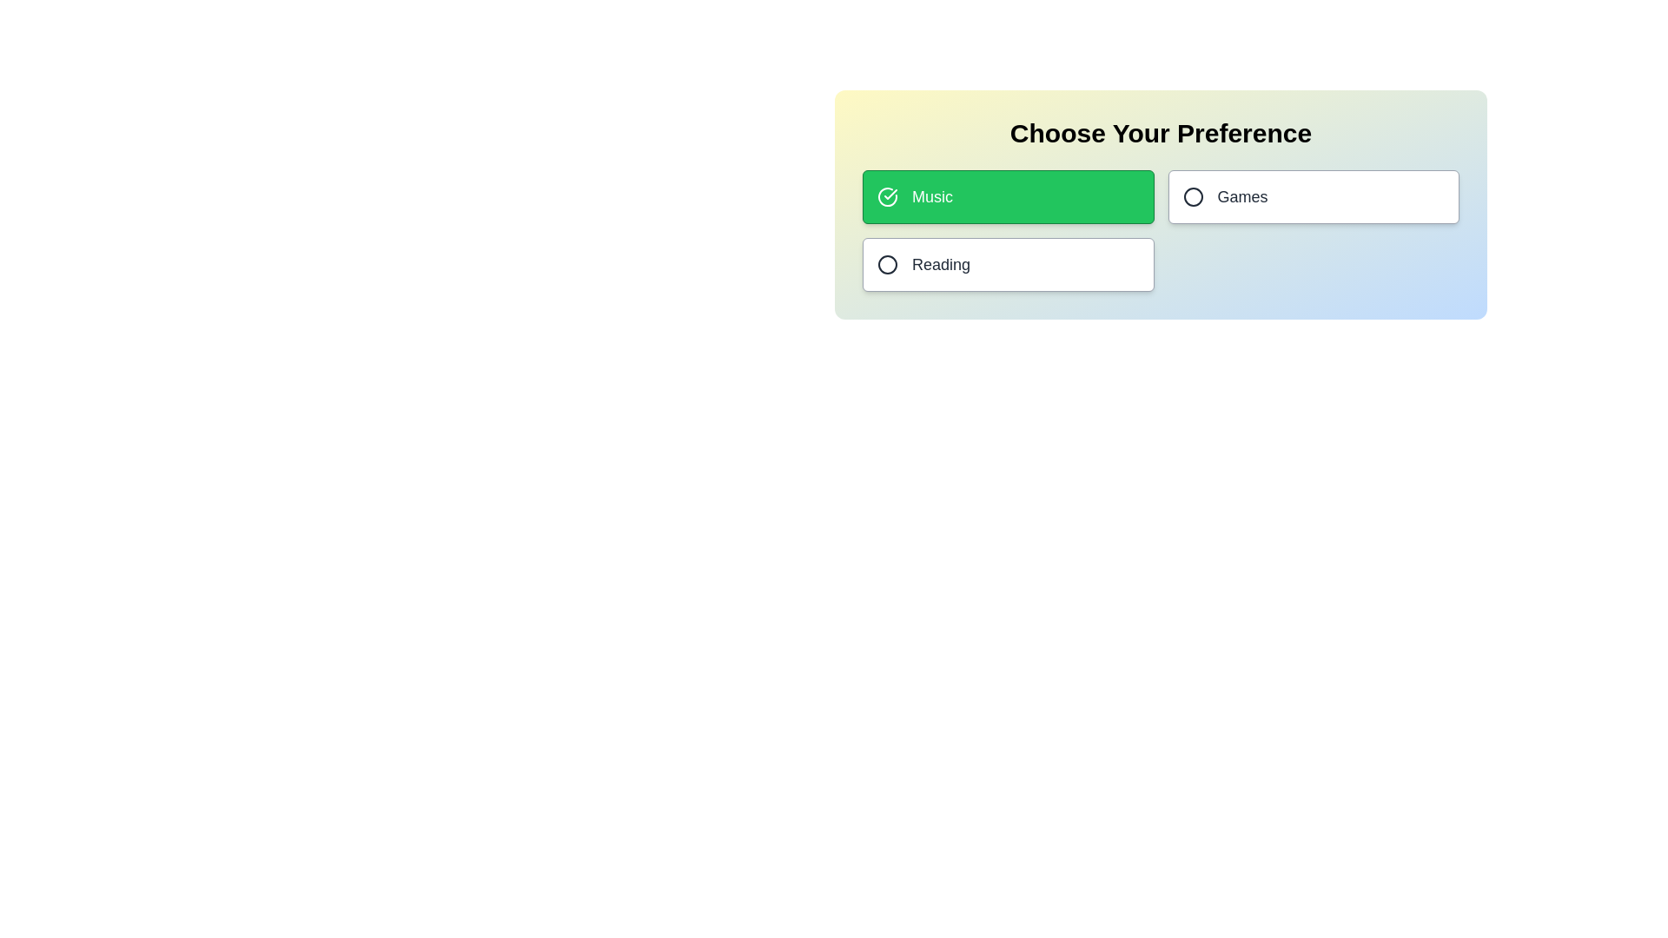  Describe the element at coordinates (888, 264) in the screenshot. I see `the radio button indicating the 'Reading' option` at that location.